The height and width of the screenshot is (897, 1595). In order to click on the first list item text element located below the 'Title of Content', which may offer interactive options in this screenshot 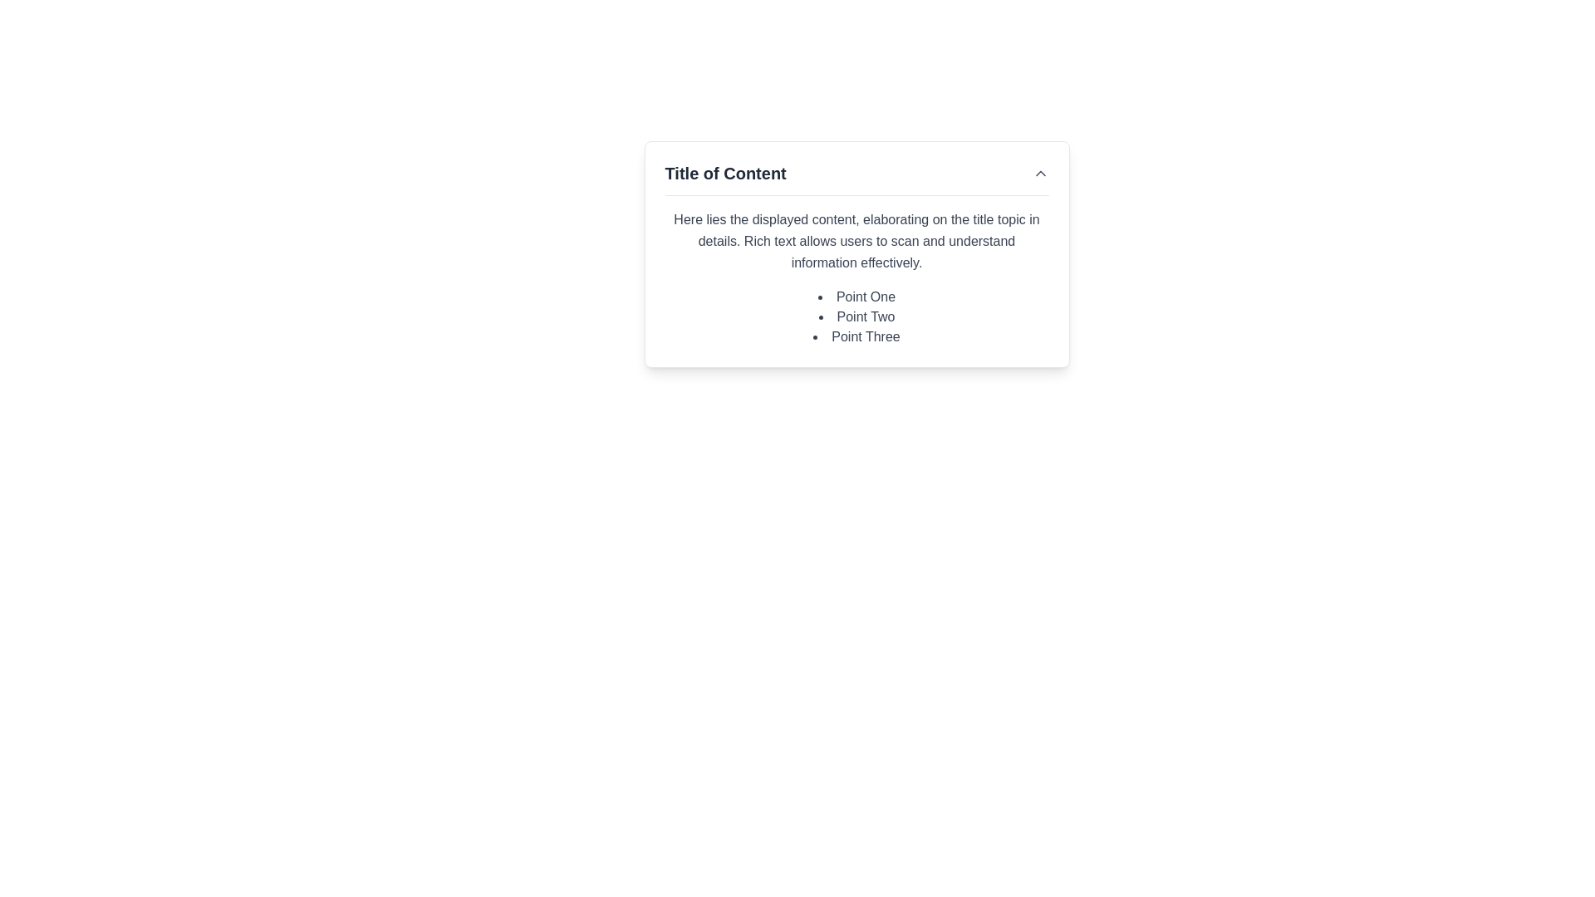, I will do `click(856, 297)`.